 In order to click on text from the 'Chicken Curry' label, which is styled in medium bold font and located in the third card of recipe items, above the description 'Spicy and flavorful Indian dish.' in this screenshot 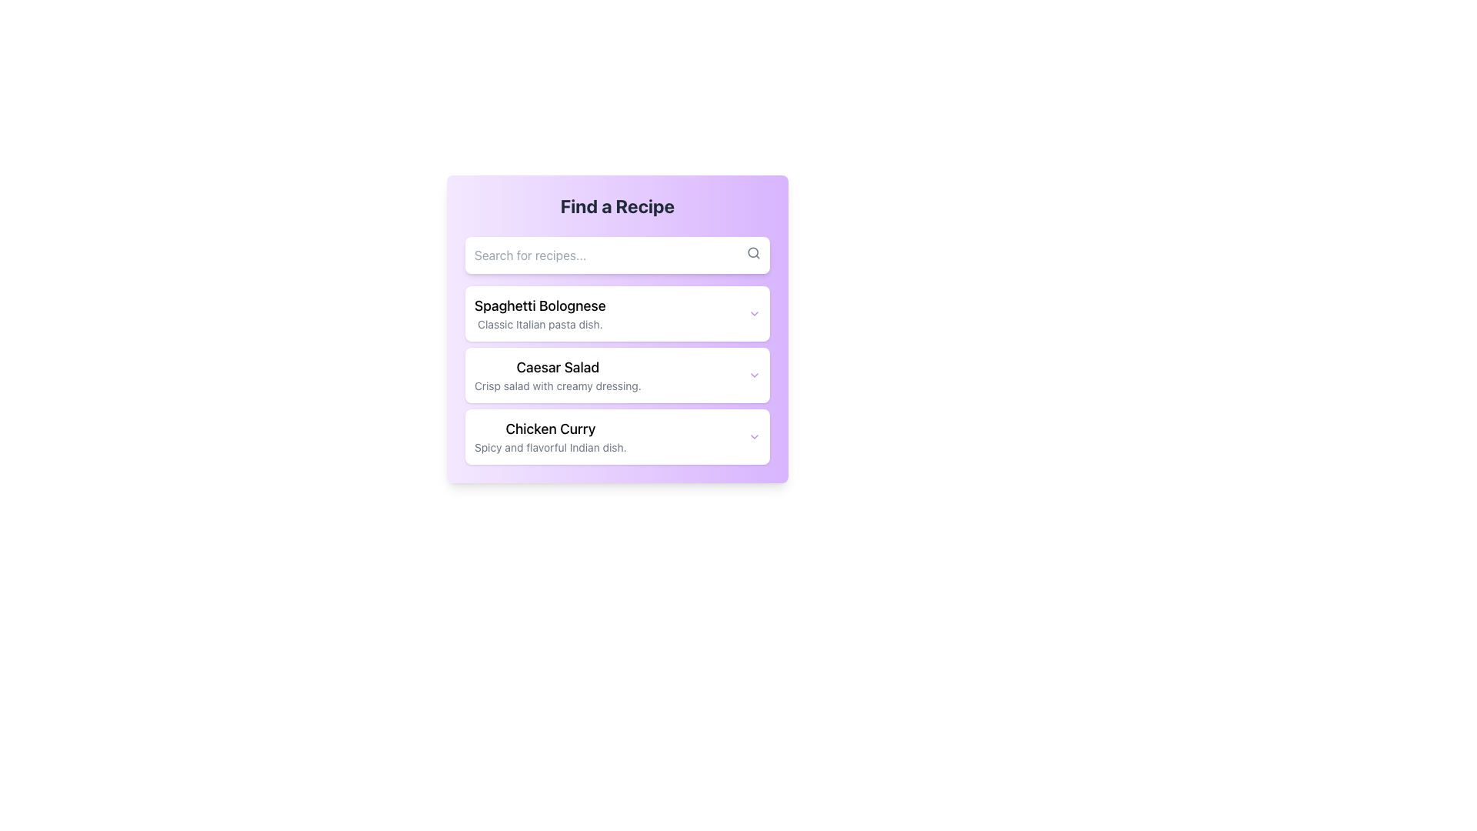, I will do `click(550, 436)`.